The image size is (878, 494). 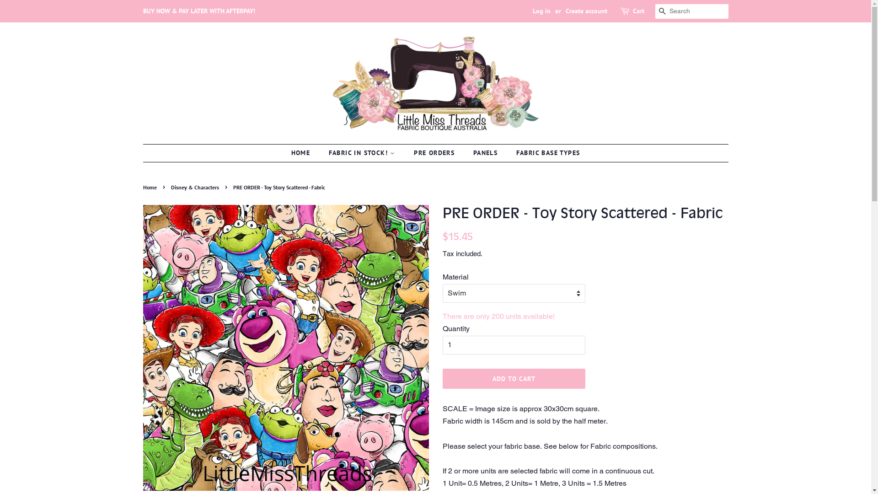 What do you see at coordinates (586, 11) in the screenshot?
I see `'Create account'` at bounding box center [586, 11].